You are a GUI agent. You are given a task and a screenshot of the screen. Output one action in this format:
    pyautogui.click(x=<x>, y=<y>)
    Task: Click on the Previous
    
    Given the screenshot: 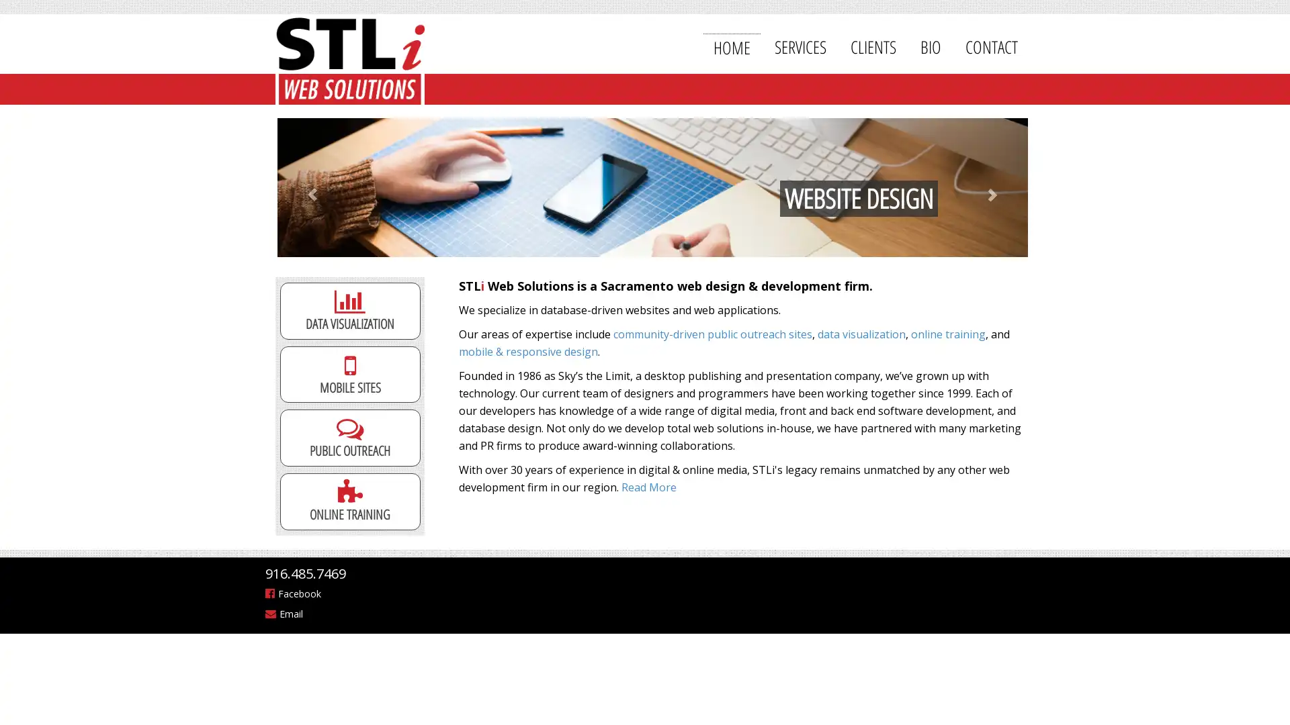 What is the action you would take?
    pyautogui.click(x=325, y=187)
    